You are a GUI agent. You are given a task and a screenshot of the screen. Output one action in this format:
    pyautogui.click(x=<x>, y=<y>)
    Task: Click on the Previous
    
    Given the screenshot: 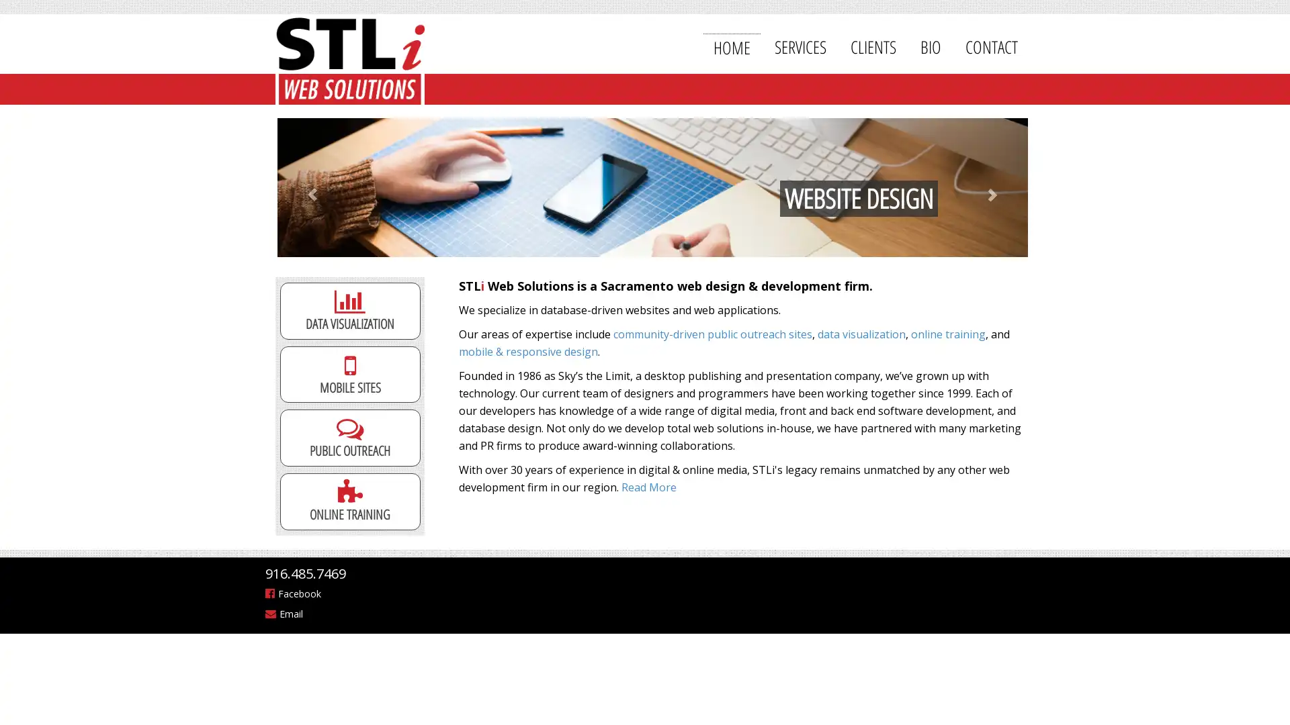 What is the action you would take?
    pyautogui.click(x=325, y=187)
    